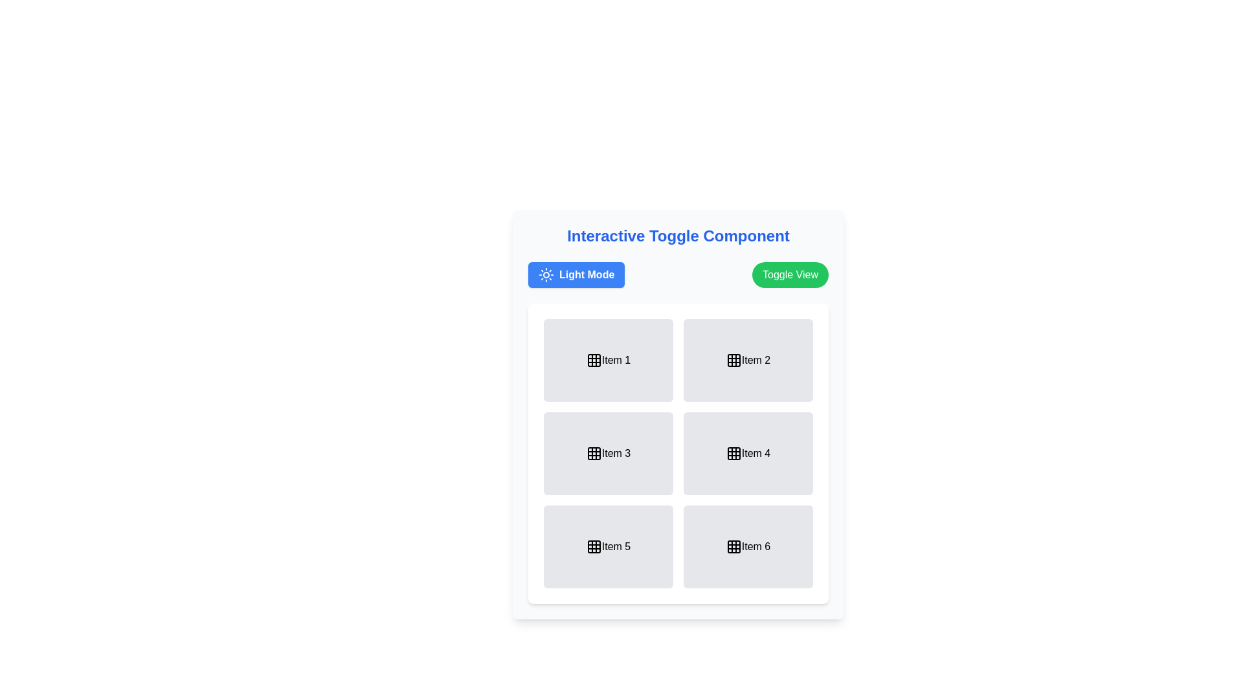 Image resolution: width=1243 pixels, height=699 pixels. I want to click on the 'Light Mode' button which contains the sun icon located at the top-left corner of the interface, so click(546, 274).